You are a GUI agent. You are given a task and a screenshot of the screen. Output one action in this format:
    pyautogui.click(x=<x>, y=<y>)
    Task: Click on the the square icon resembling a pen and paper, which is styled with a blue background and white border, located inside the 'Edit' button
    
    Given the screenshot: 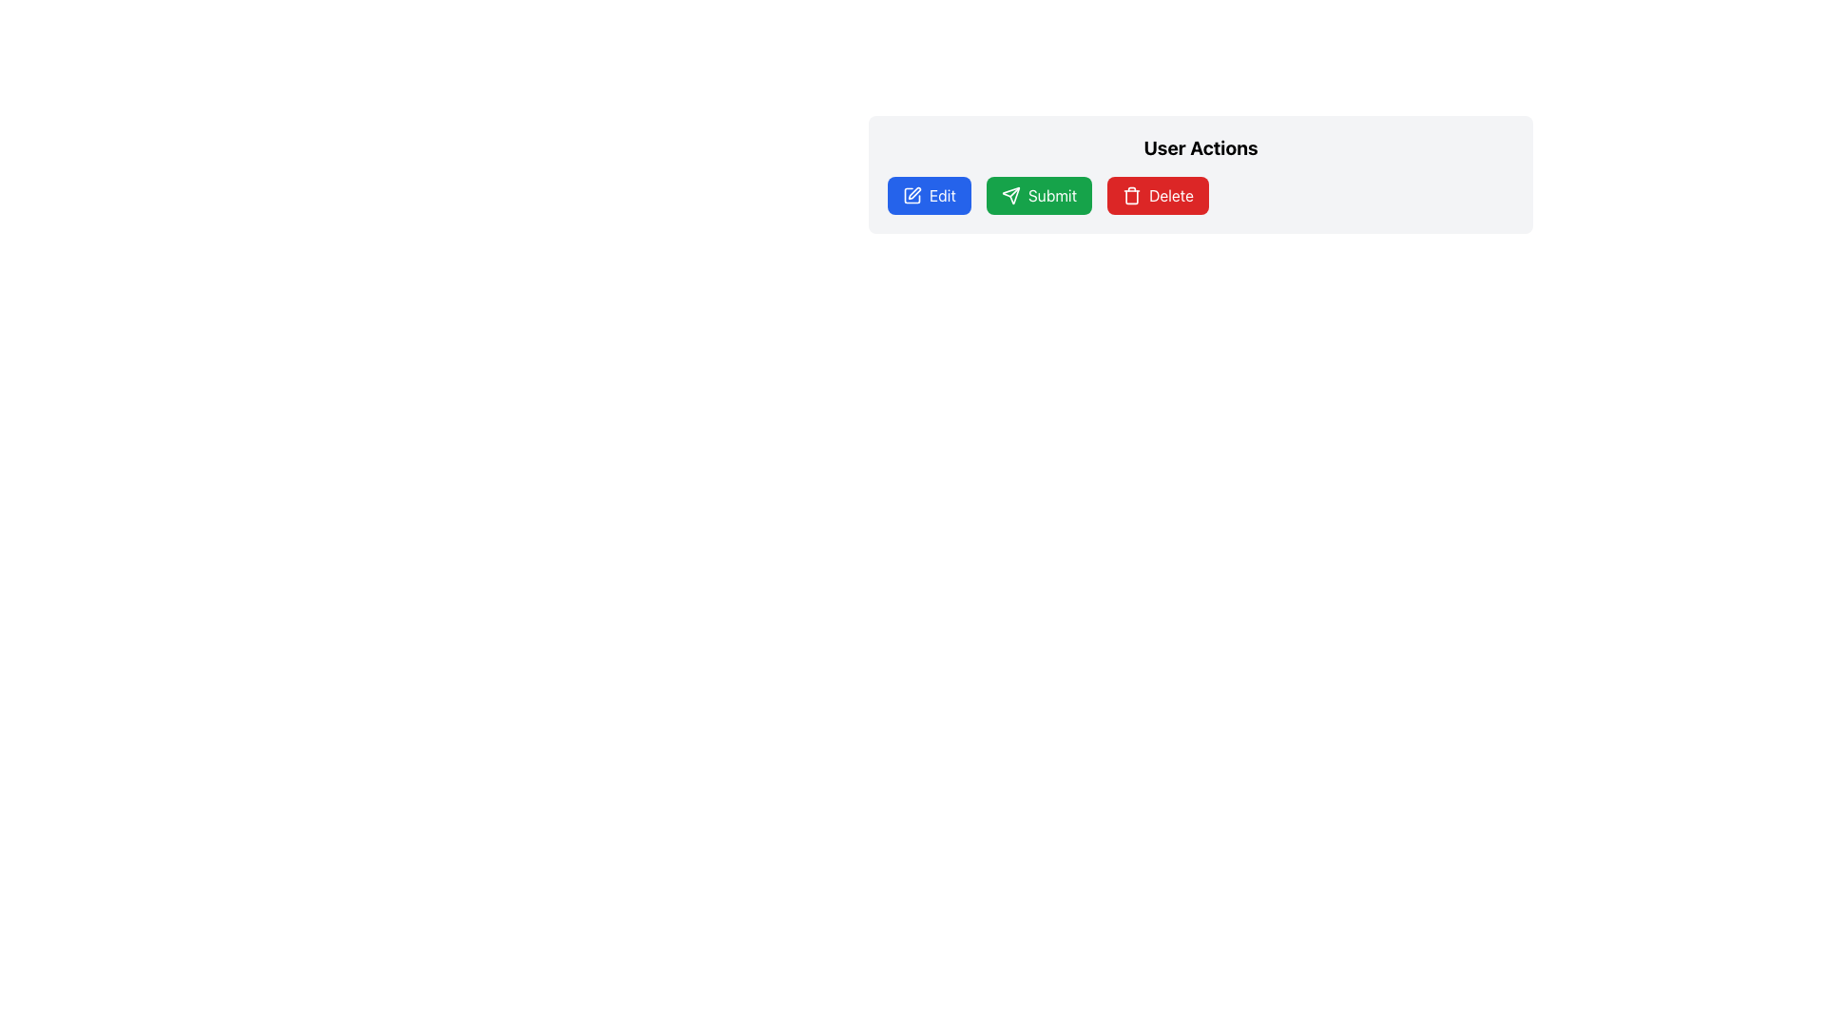 What is the action you would take?
    pyautogui.click(x=912, y=195)
    